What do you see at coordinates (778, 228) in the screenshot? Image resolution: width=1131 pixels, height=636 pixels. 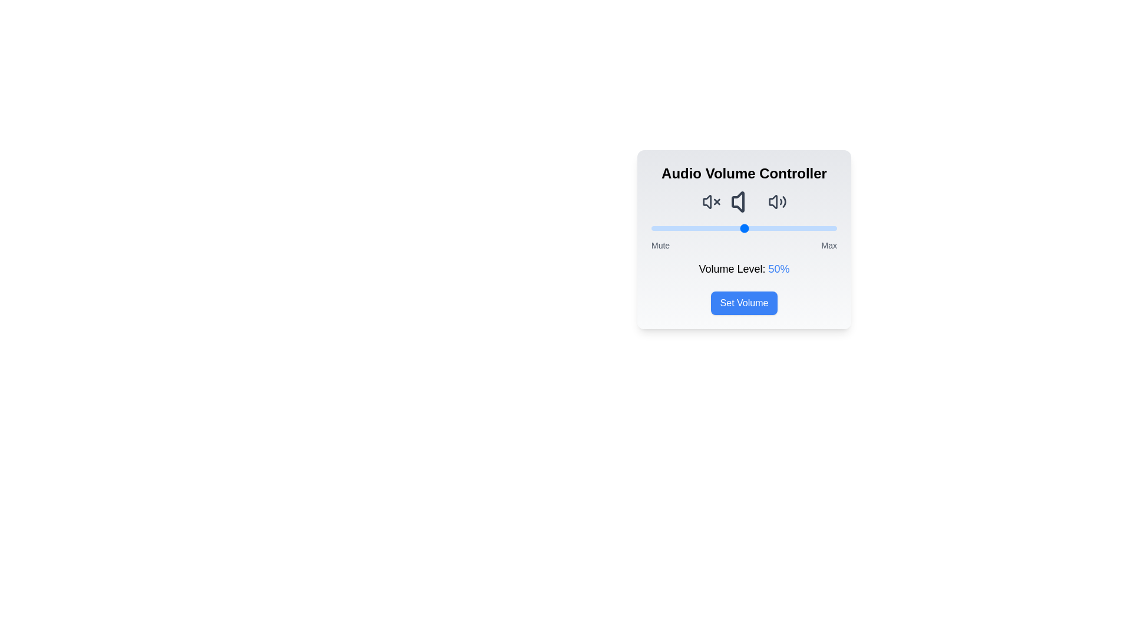 I see `the volume slider to 68%` at bounding box center [778, 228].